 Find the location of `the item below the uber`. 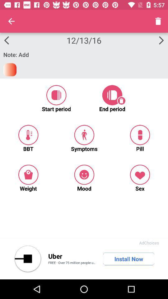

the item below the uber is located at coordinates (72, 263).